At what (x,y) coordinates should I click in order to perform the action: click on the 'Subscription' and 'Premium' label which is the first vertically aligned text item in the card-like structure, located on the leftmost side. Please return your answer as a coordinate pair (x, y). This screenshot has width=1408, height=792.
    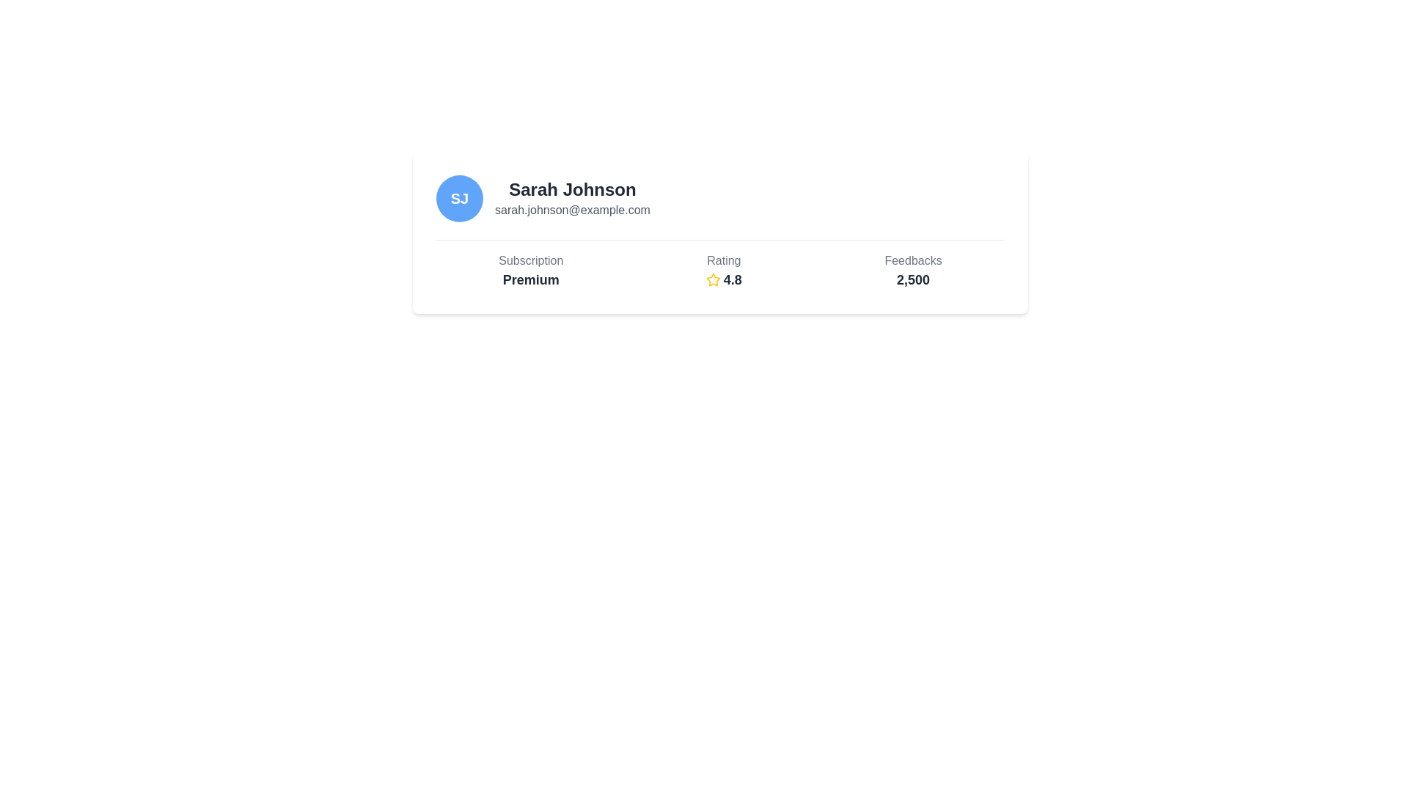
    Looking at the image, I should click on (530, 271).